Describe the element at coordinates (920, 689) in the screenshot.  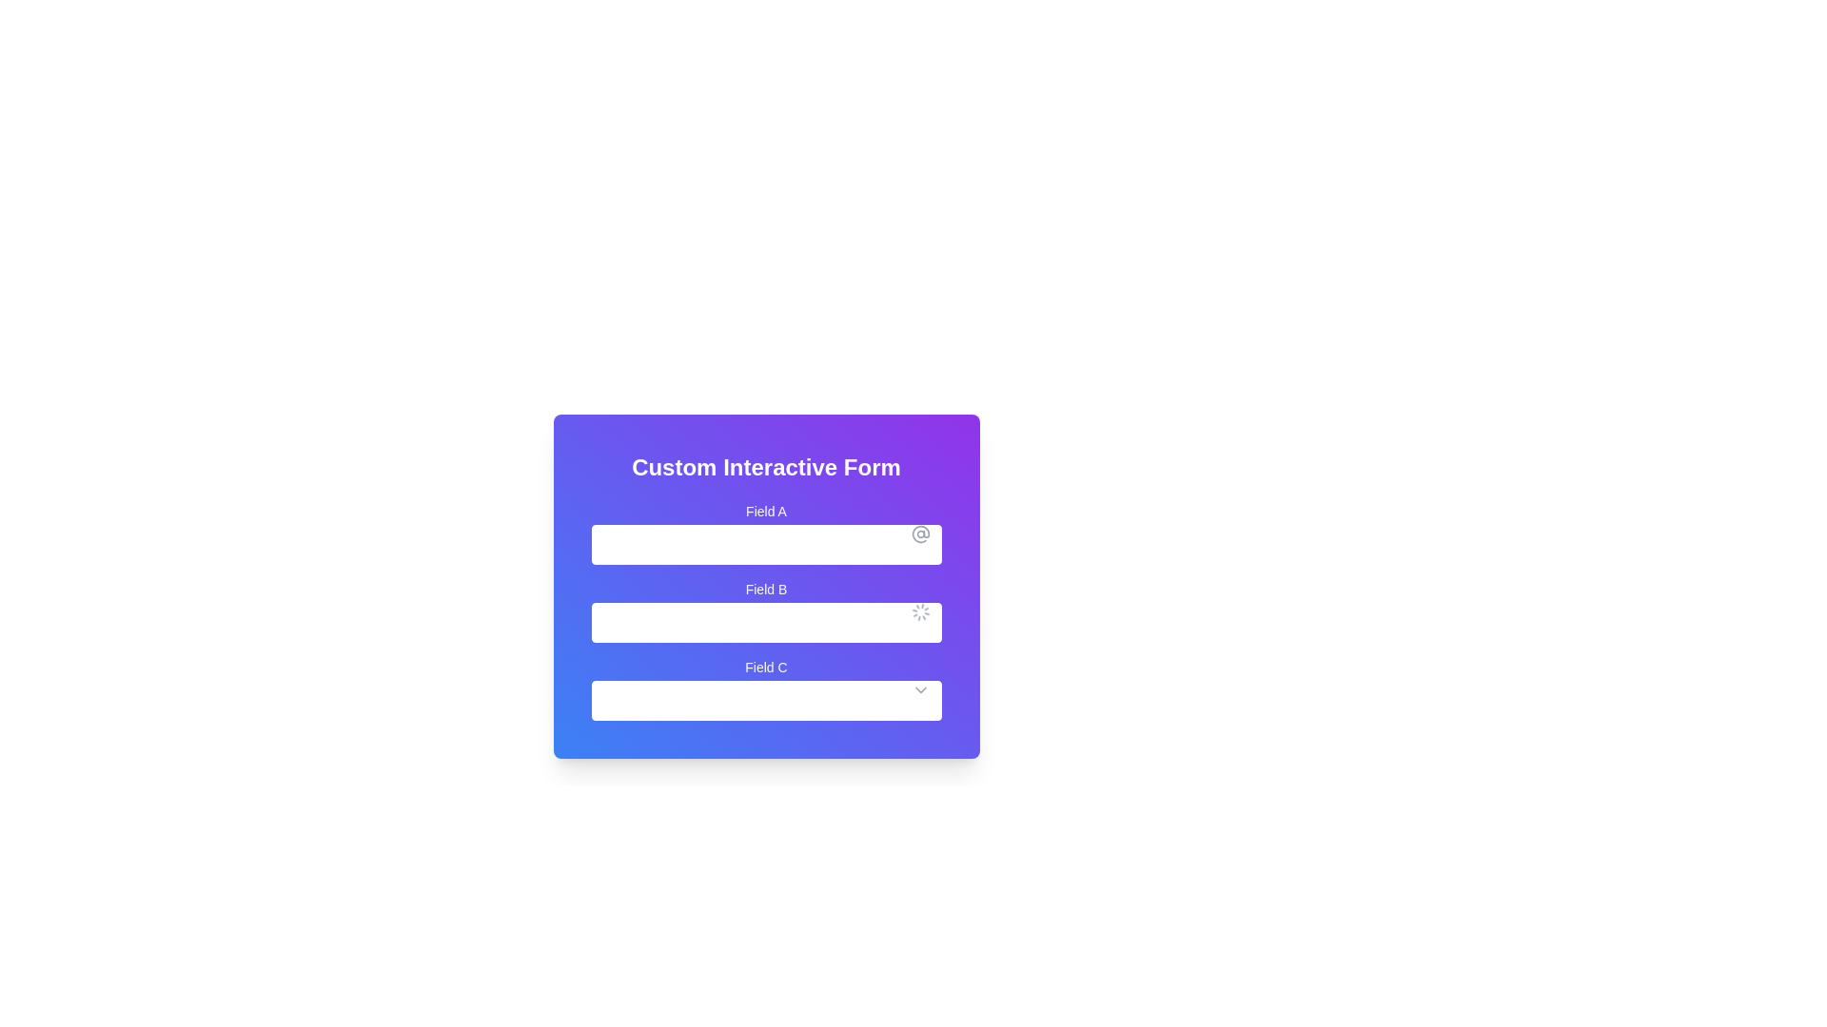
I see `the small downward-pointing chevron icon outlined in gray, located at the right end of the third input field` at that location.